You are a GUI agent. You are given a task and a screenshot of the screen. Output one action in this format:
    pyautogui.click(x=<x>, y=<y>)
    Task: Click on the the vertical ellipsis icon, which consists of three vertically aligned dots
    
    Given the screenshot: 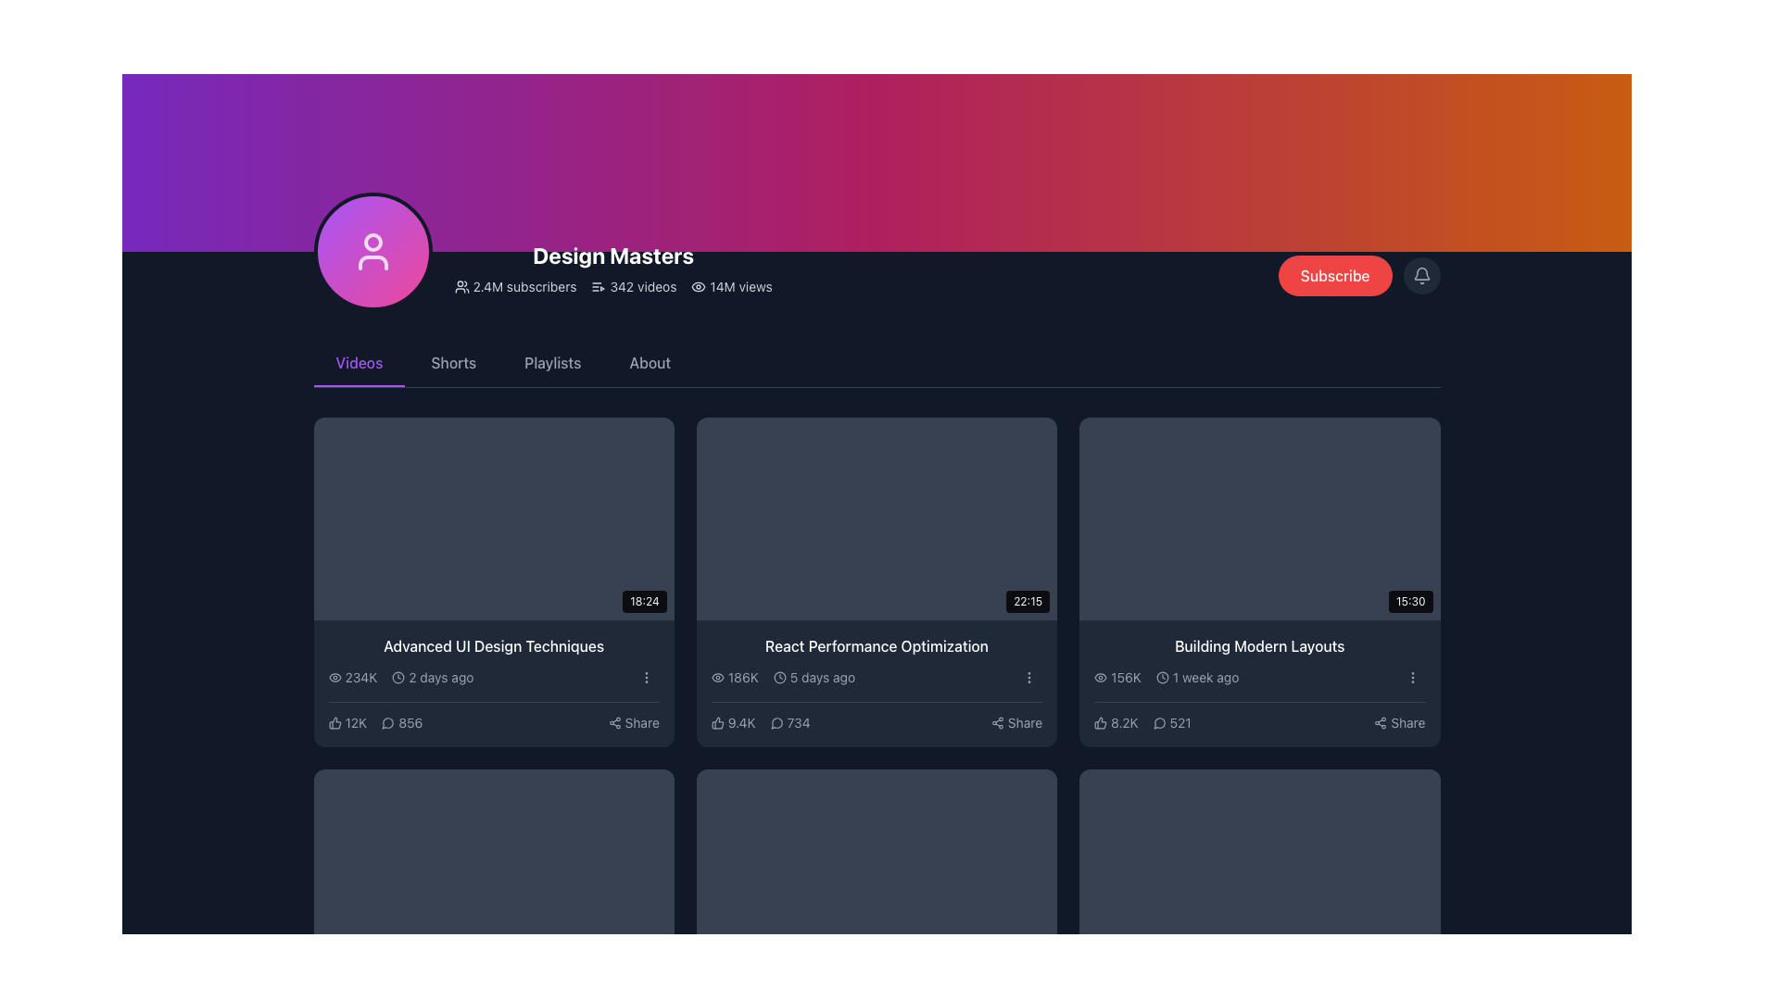 What is the action you would take?
    pyautogui.click(x=646, y=678)
    